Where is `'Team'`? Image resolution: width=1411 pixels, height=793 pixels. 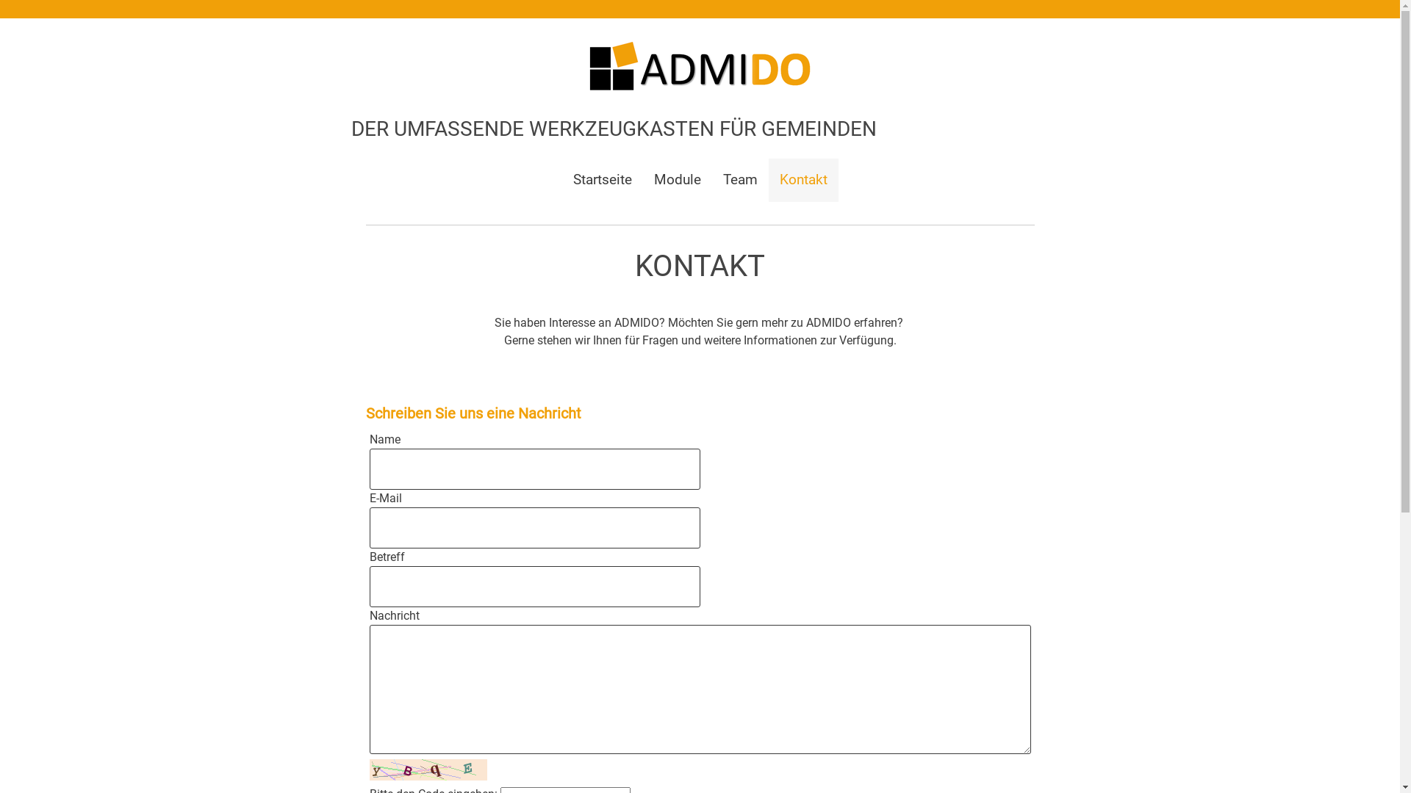 'Team' is located at coordinates (711, 179).